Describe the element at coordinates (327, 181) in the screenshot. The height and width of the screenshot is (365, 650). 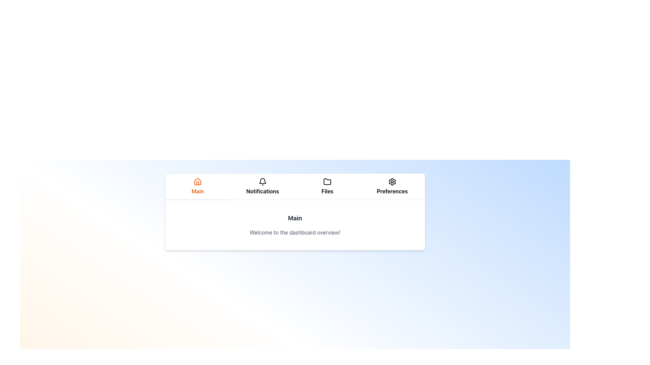
I see `the Folder Icon, which is the third icon in a row of four at the top of the interface` at that location.